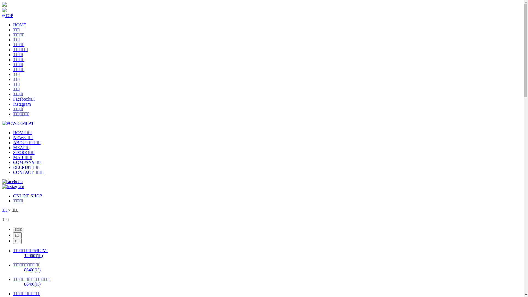 The width and height of the screenshot is (528, 297). What do you see at coordinates (20, 25) in the screenshot?
I see `'HOME'` at bounding box center [20, 25].